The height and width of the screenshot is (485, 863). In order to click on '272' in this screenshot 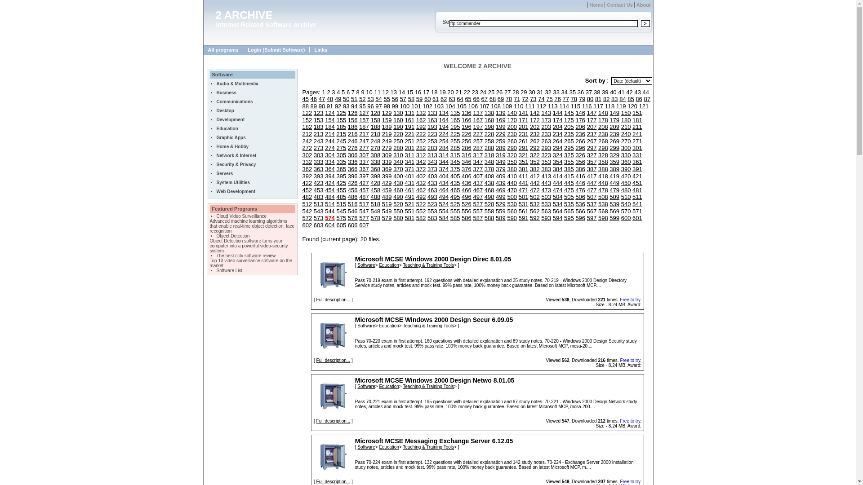, I will do `click(307, 147)`.